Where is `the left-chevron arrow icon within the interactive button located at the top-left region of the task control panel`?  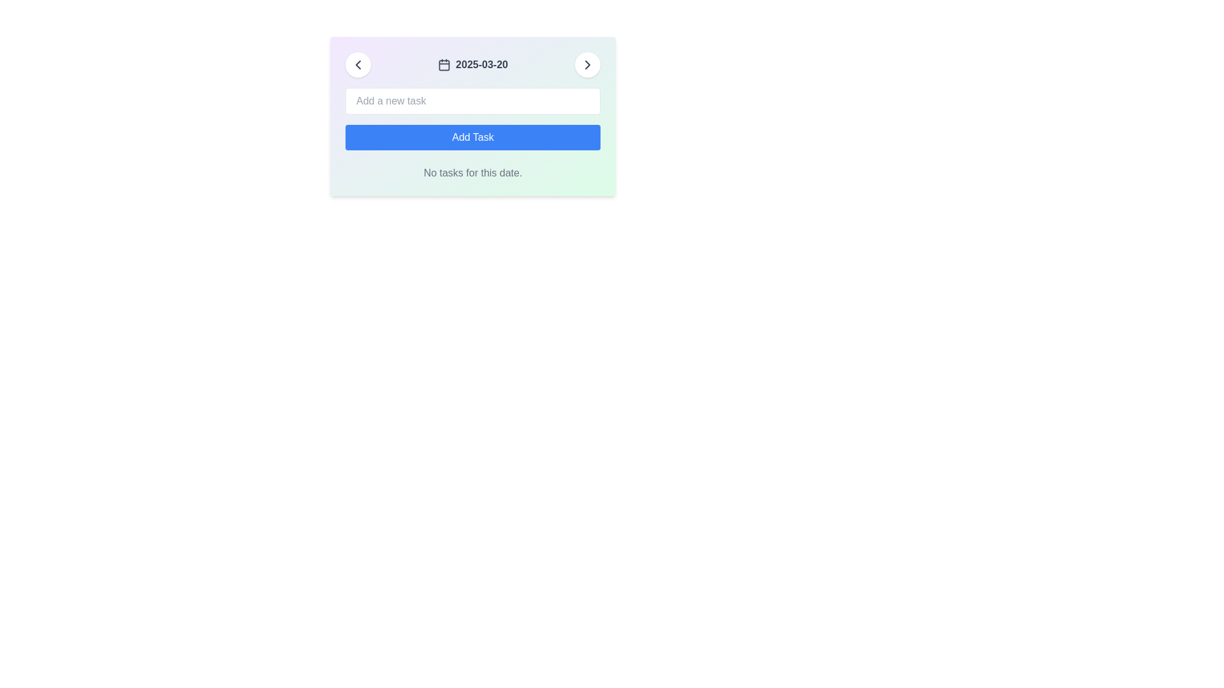 the left-chevron arrow icon within the interactive button located at the top-left region of the task control panel is located at coordinates (357, 64).